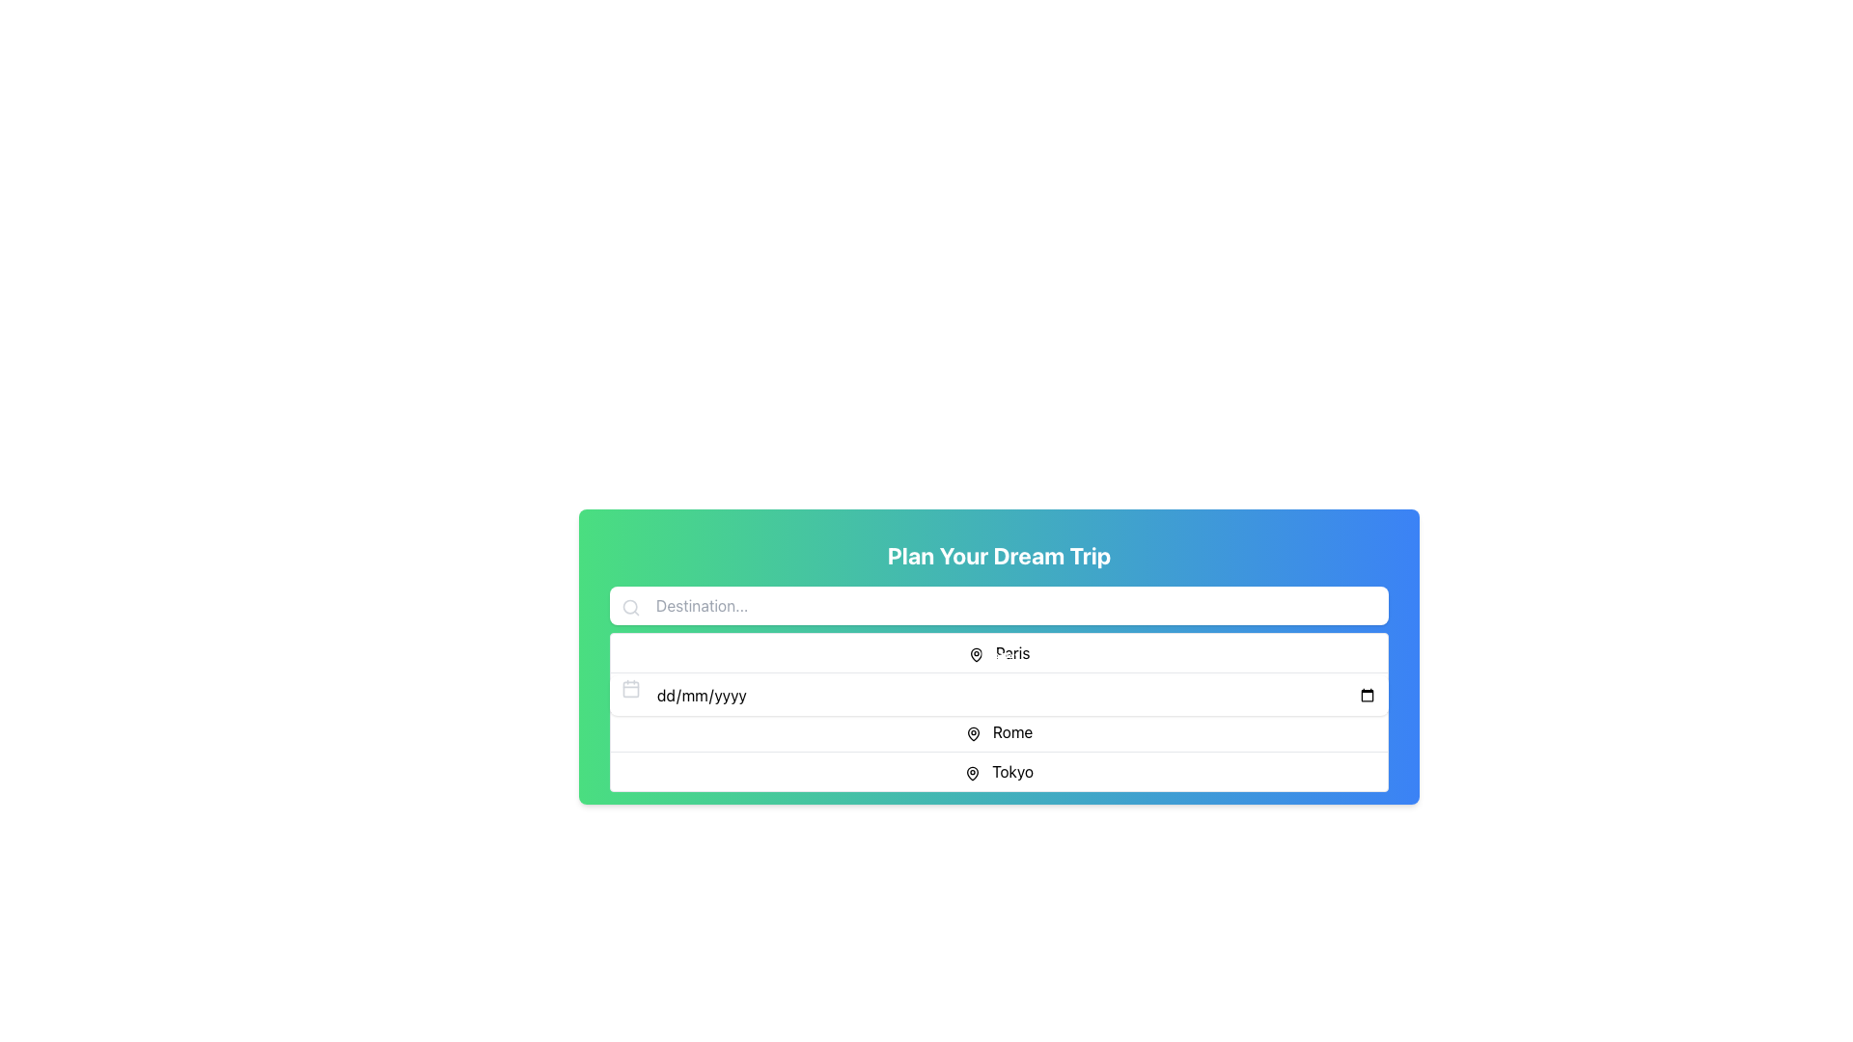  What do you see at coordinates (999, 652) in the screenshot?
I see `to select the destination option 'Paris' from the first item in the vertical menu of destinations` at bounding box center [999, 652].